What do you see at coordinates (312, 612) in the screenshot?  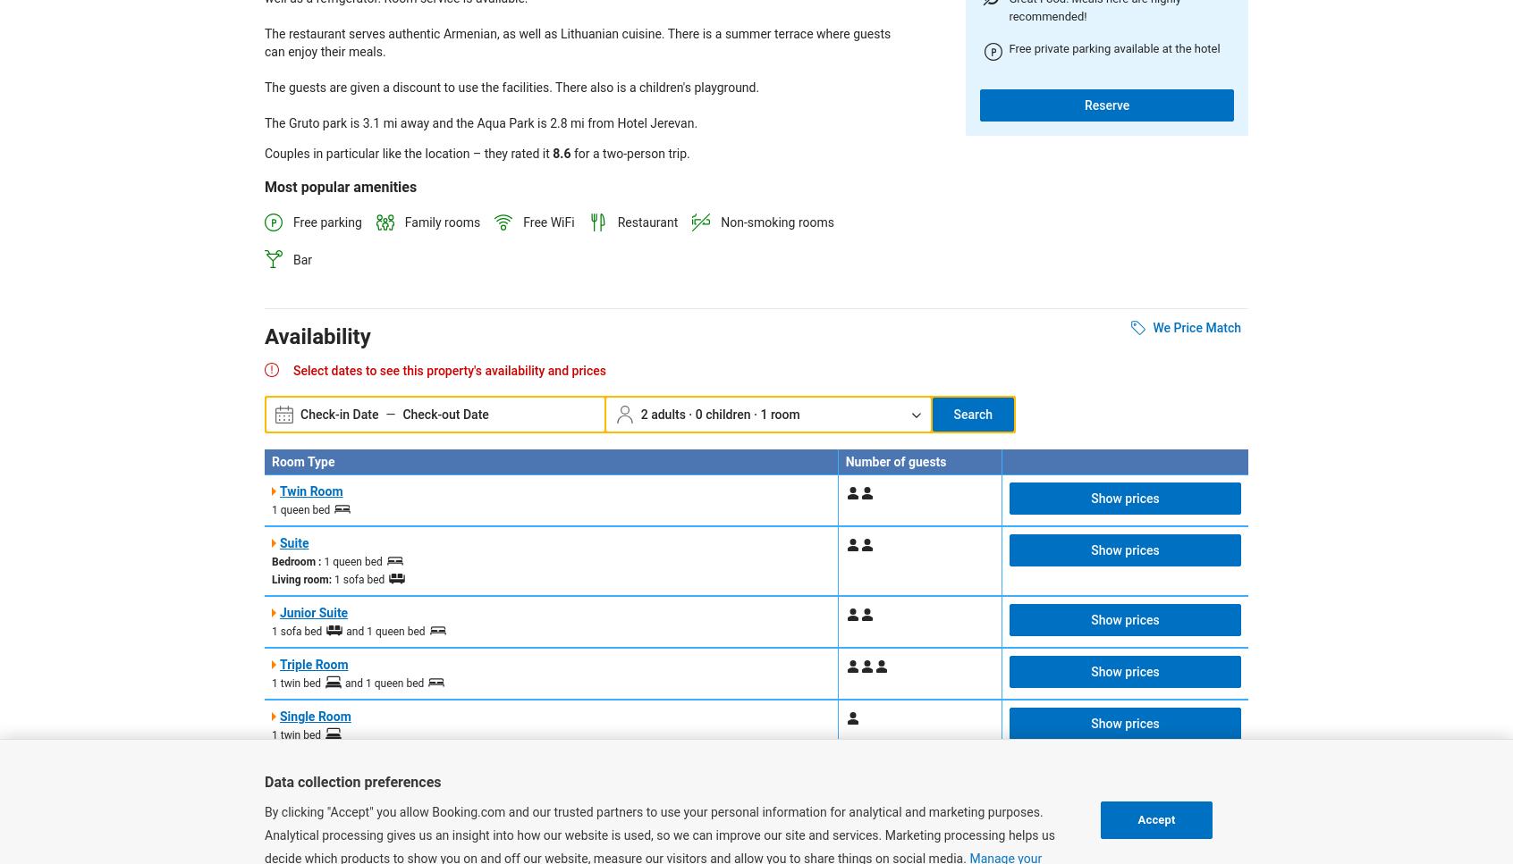 I see `'Junior Suite'` at bounding box center [312, 612].